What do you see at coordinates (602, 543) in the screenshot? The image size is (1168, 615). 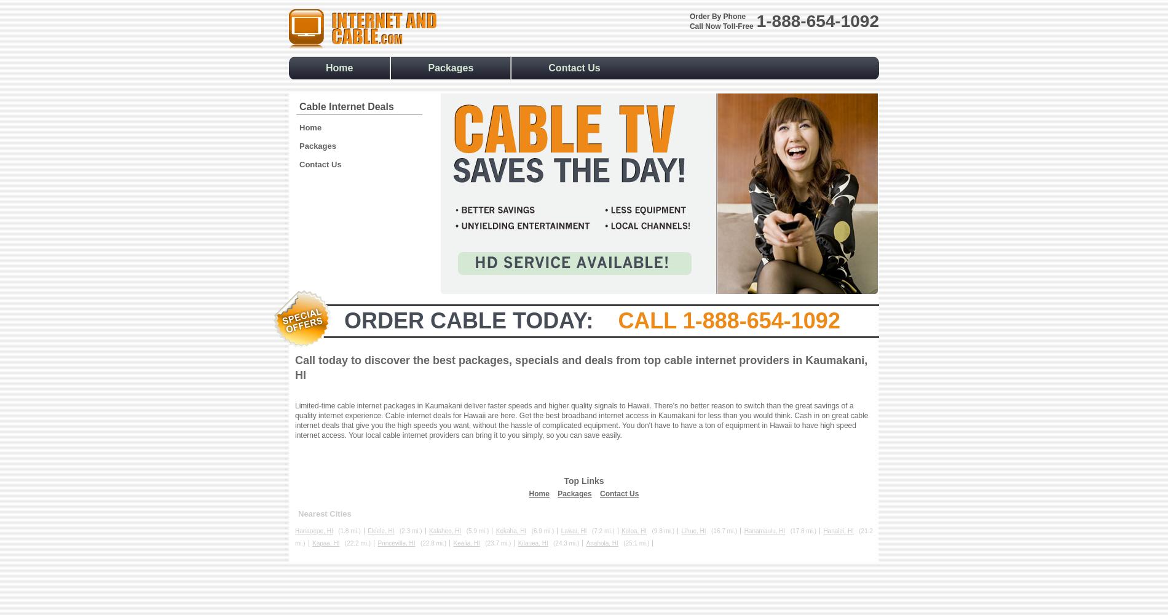 I see `'Anahola, HI'` at bounding box center [602, 543].